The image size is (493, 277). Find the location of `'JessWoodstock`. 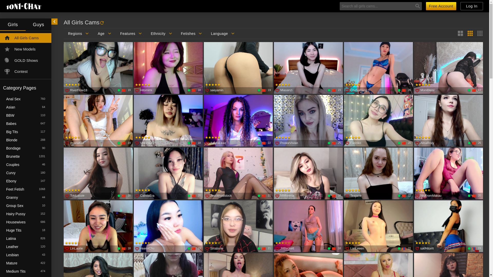

'JessWoodstock is located at coordinates (238, 173).